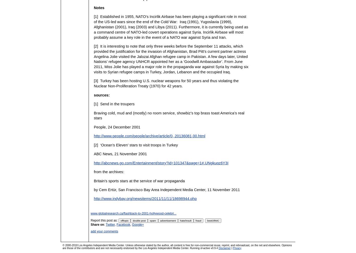 This screenshot has width=356, height=253. What do you see at coordinates (104, 231) in the screenshot?
I see `'add your comments'` at bounding box center [104, 231].